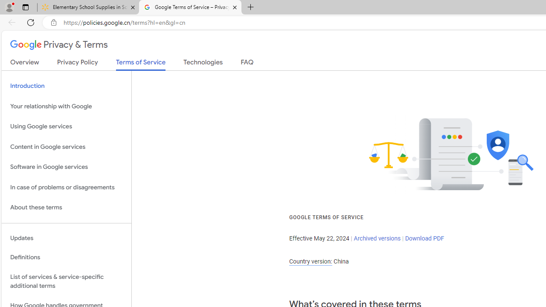 The image size is (546, 307). I want to click on 'Overview', so click(25, 64).